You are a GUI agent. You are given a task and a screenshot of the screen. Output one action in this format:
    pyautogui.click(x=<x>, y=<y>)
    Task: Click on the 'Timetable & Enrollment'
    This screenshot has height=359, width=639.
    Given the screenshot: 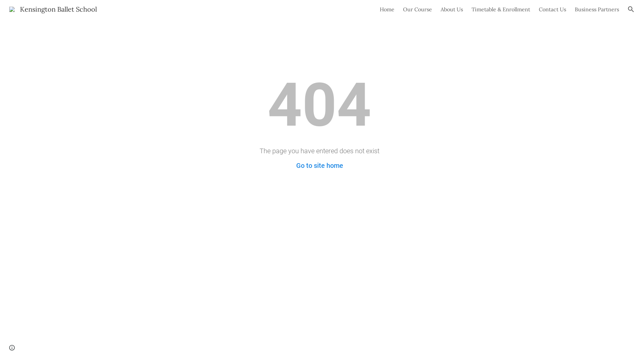 What is the action you would take?
    pyautogui.click(x=501, y=9)
    